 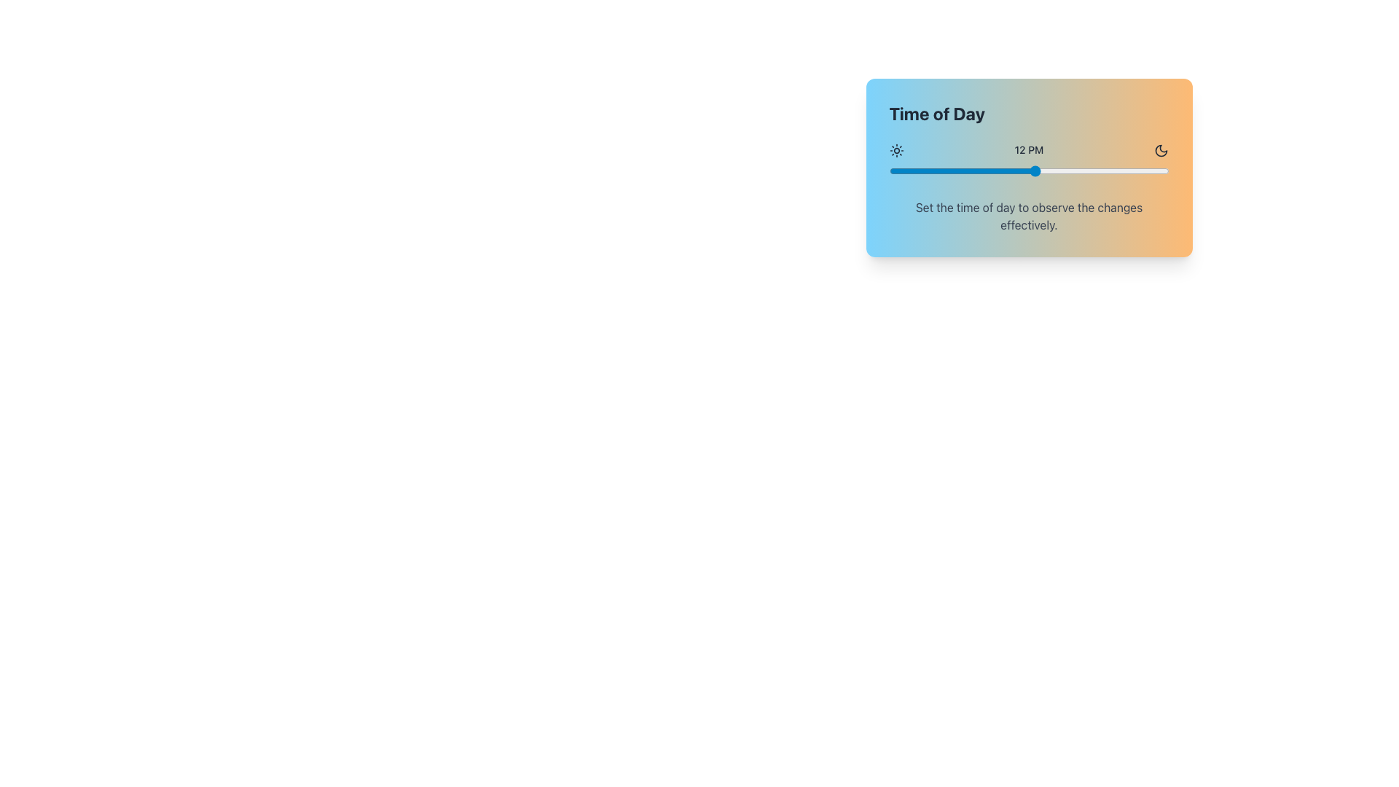 What do you see at coordinates (1028, 216) in the screenshot?
I see `the text block that displays the message 'Set the time of day to observe the changes effectively.' This text is styled in gray and is located at the bottom of a card UI component` at bounding box center [1028, 216].